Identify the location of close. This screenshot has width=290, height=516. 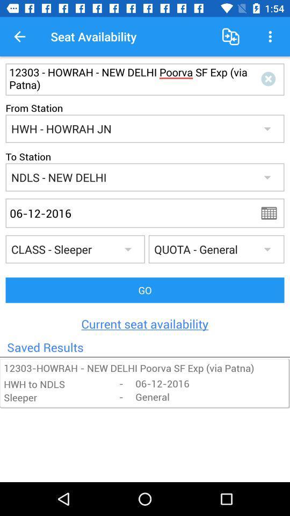
(270, 78).